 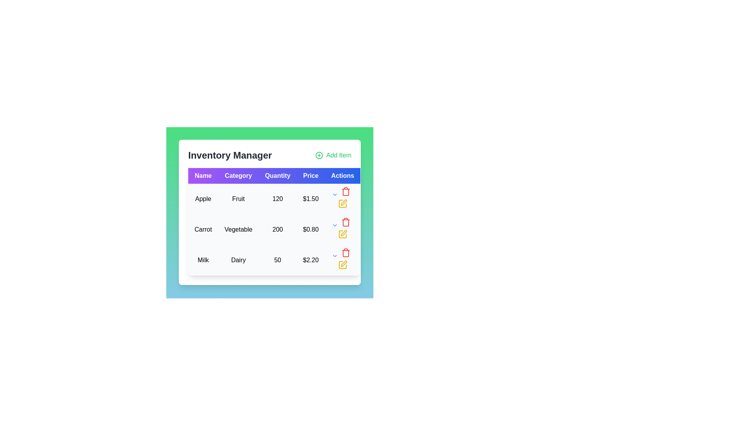 What do you see at coordinates (344, 202) in the screenshot?
I see `the pen-shaped SVG icon in the 'Actions' column beside the trash bin icon to initiate editing` at bounding box center [344, 202].